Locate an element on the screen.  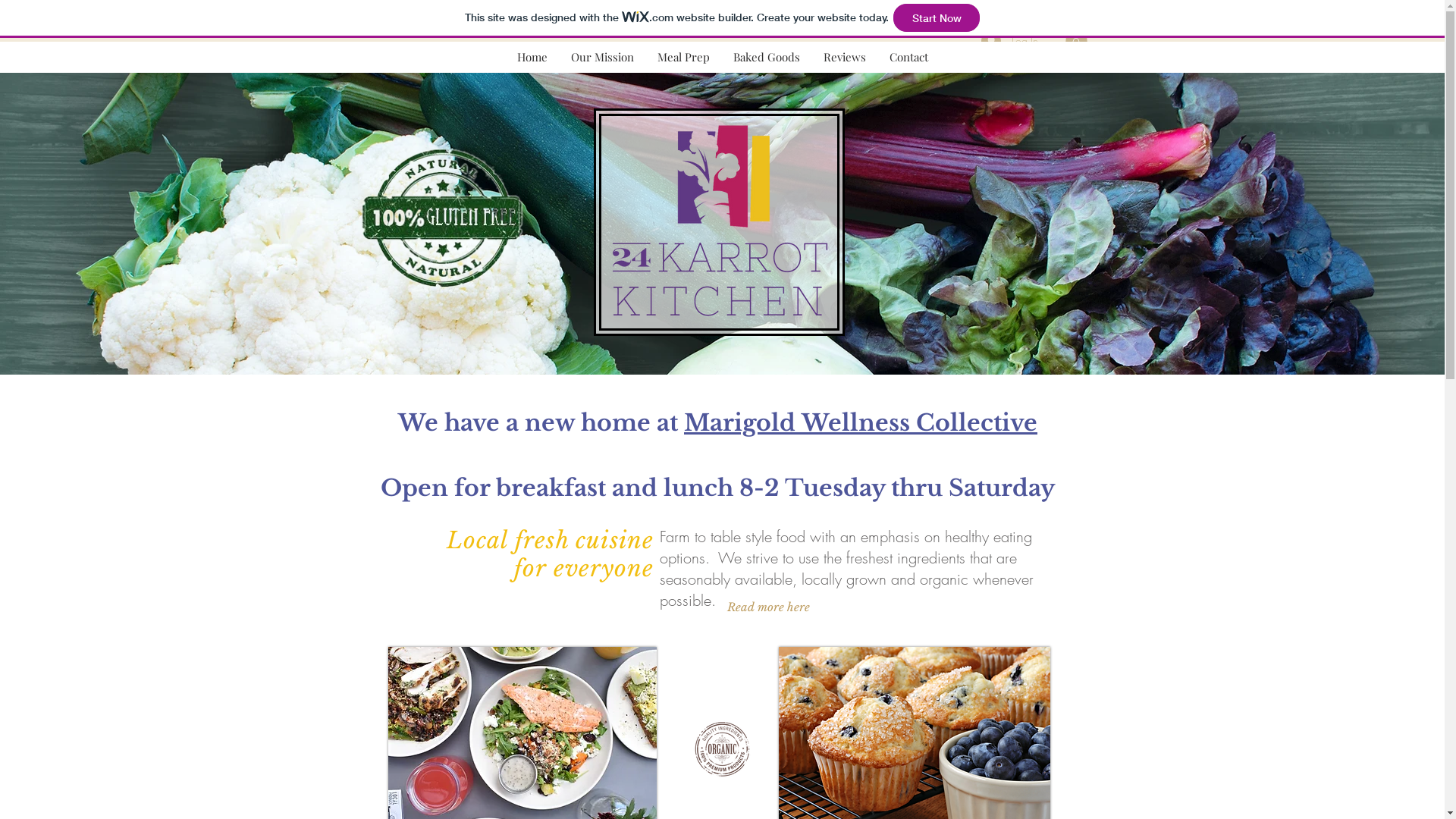
'Log In' is located at coordinates (1009, 39).